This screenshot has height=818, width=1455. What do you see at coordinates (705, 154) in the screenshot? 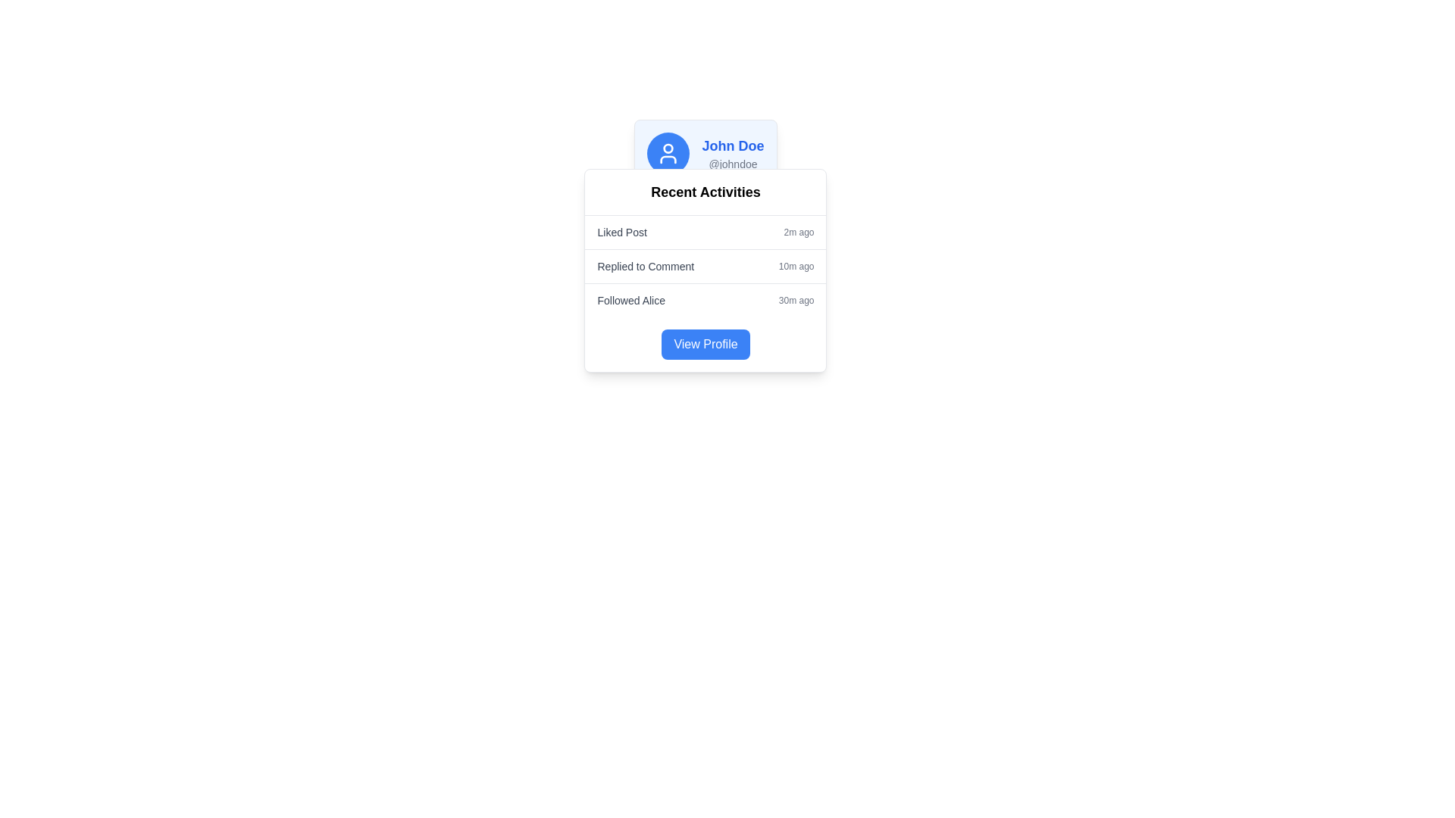
I see `the User Identifier Item which features a blue circular icon with a white outline of a person and the bold blue text 'John Doe' along with smaller gray text '@johndoe'` at bounding box center [705, 154].